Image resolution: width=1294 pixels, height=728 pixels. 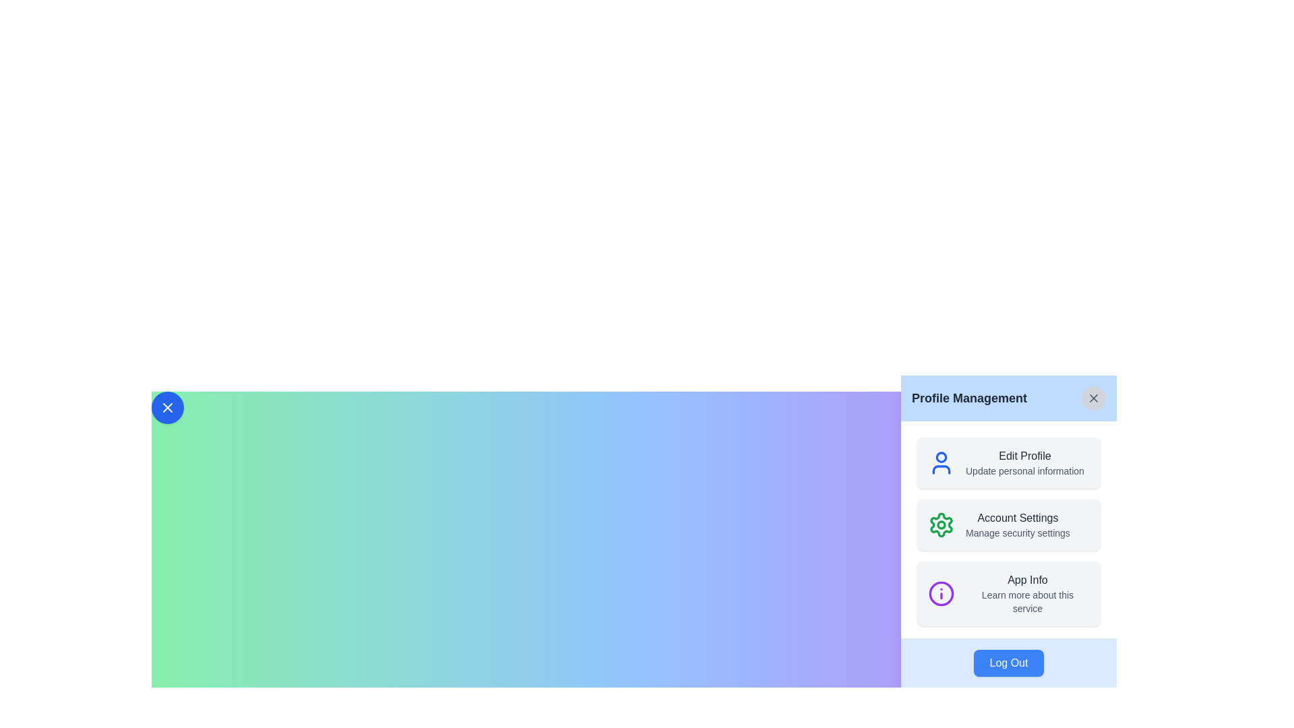 What do you see at coordinates (940, 593) in the screenshot?
I see `the 'App Info' icon located within the 'Profile Management' panel, positioned to the left of the 'App Info' title and subtitle` at bounding box center [940, 593].